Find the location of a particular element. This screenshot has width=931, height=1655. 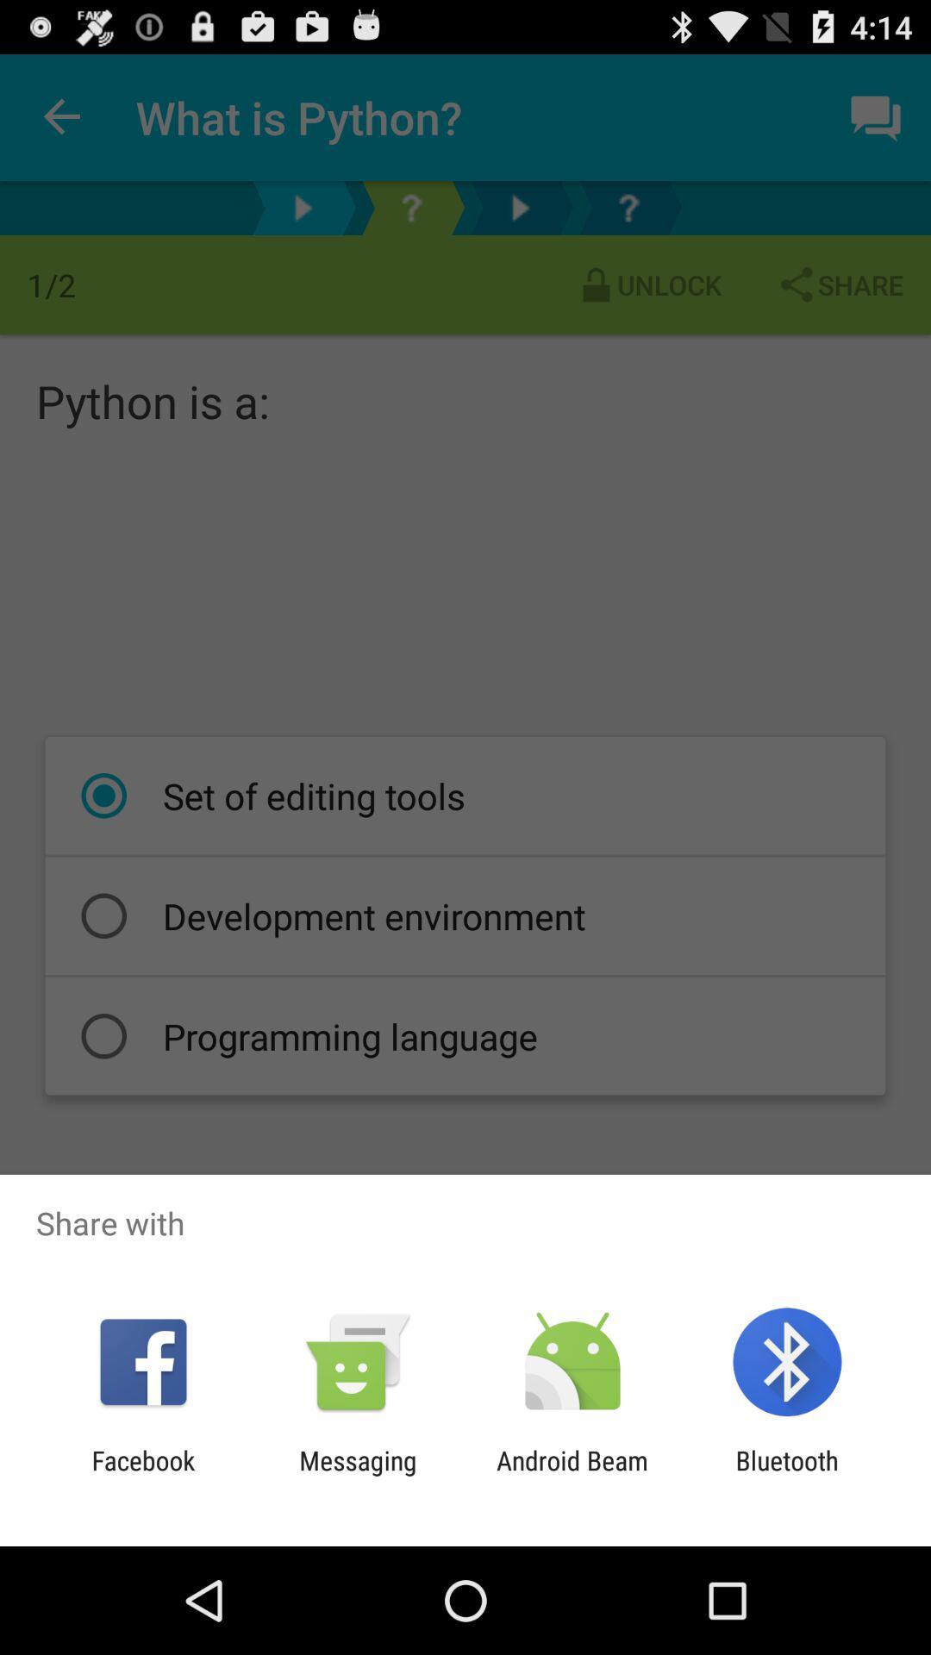

the bluetooth is located at coordinates (787, 1475).